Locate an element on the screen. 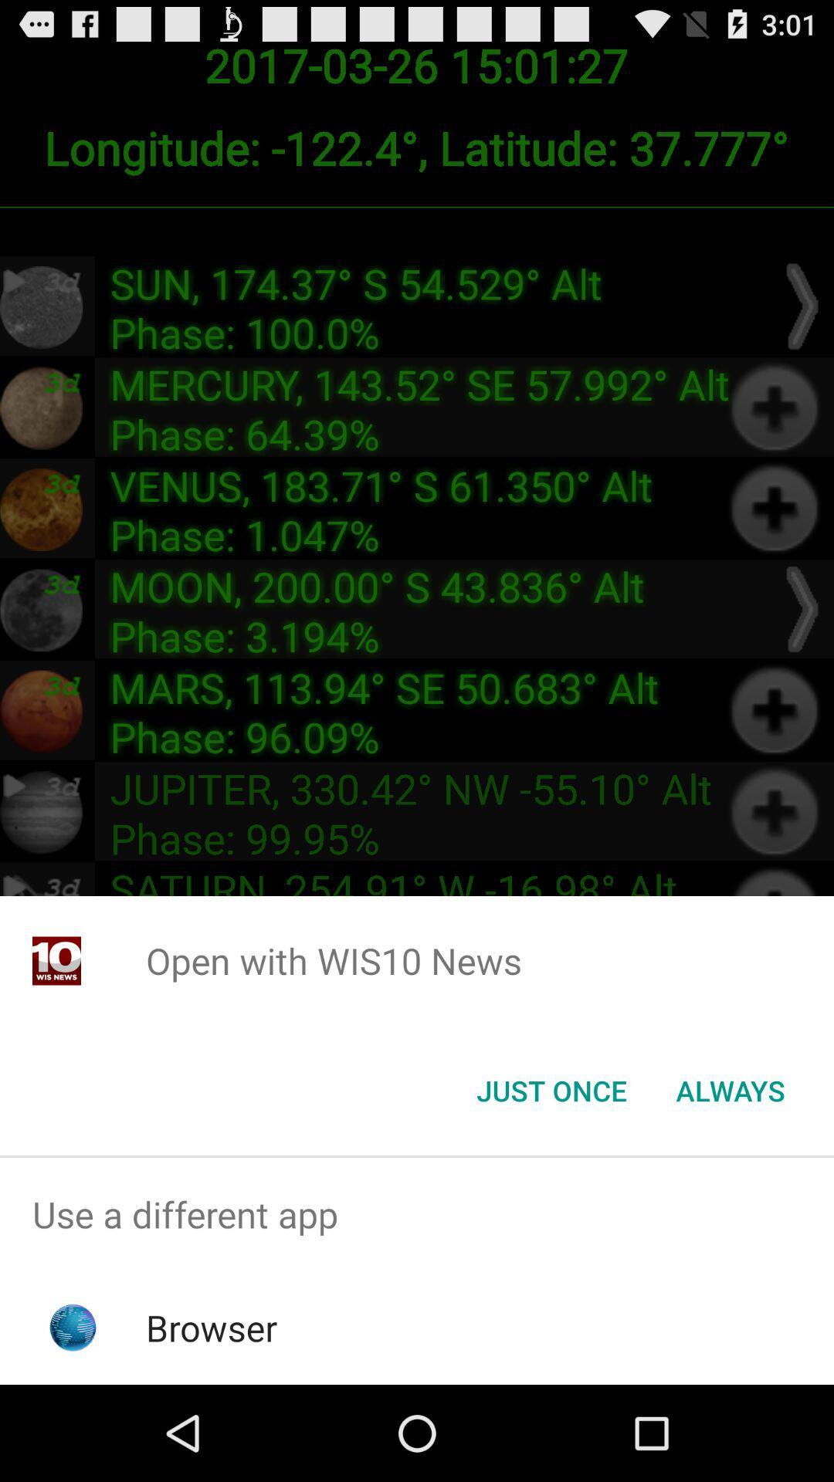 The height and width of the screenshot is (1482, 834). the always is located at coordinates (730, 1089).